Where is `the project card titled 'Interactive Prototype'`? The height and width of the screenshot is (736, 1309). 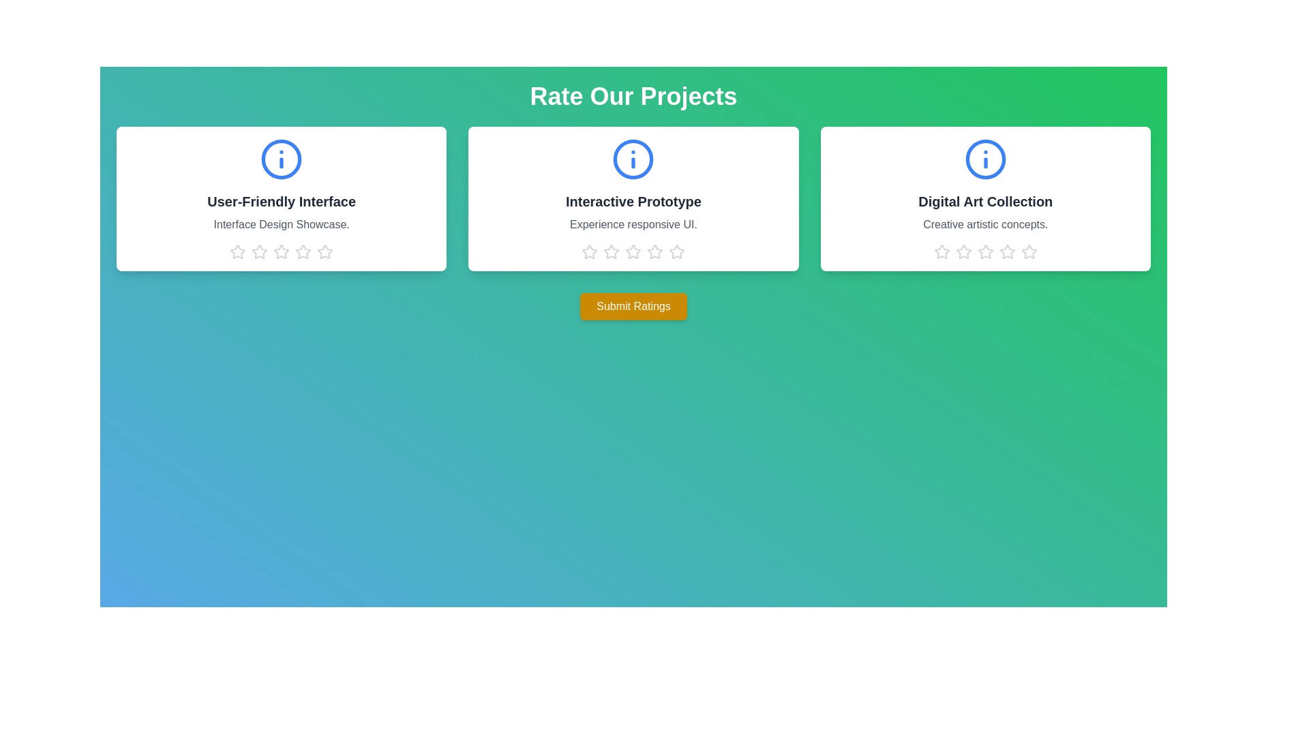 the project card titled 'Interactive Prototype' is located at coordinates (633, 199).